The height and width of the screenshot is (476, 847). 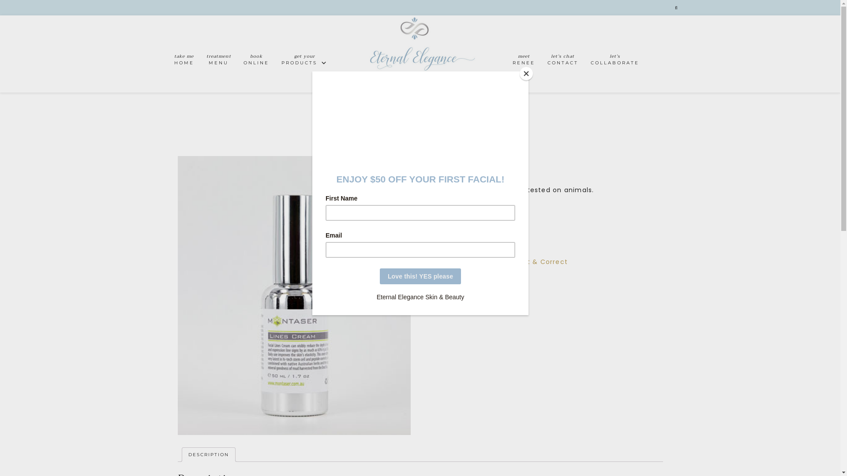 What do you see at coordinates (207, 455) in the screenshot?
I see `'DESCRIPTION'` at bounding box center [207, 455].